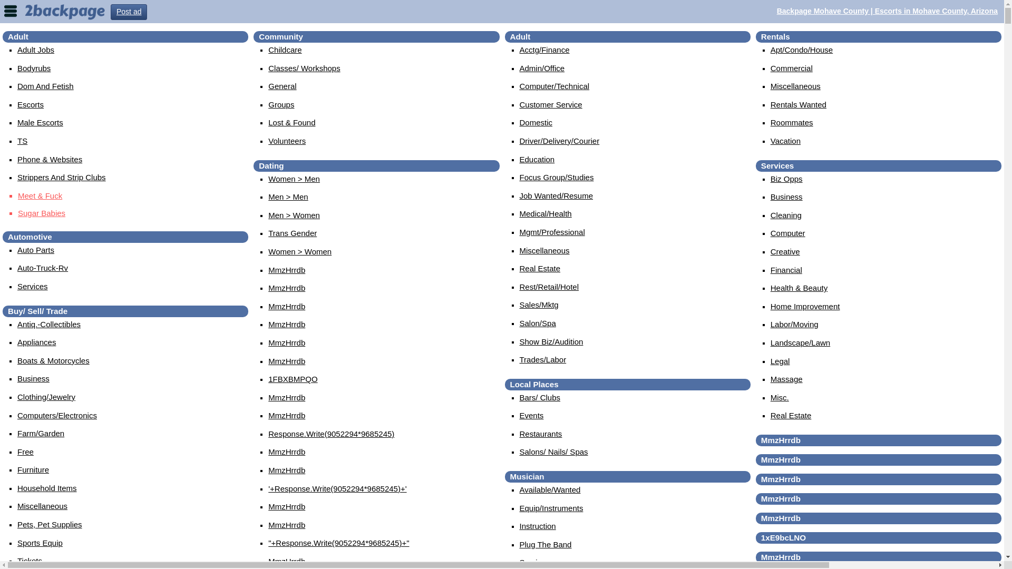 The image size is (1012, 569). What do you see at coordinates (799, 104) in the screenshot?
I see `'Rentals Wanted'` at bounding box center [799, 104].